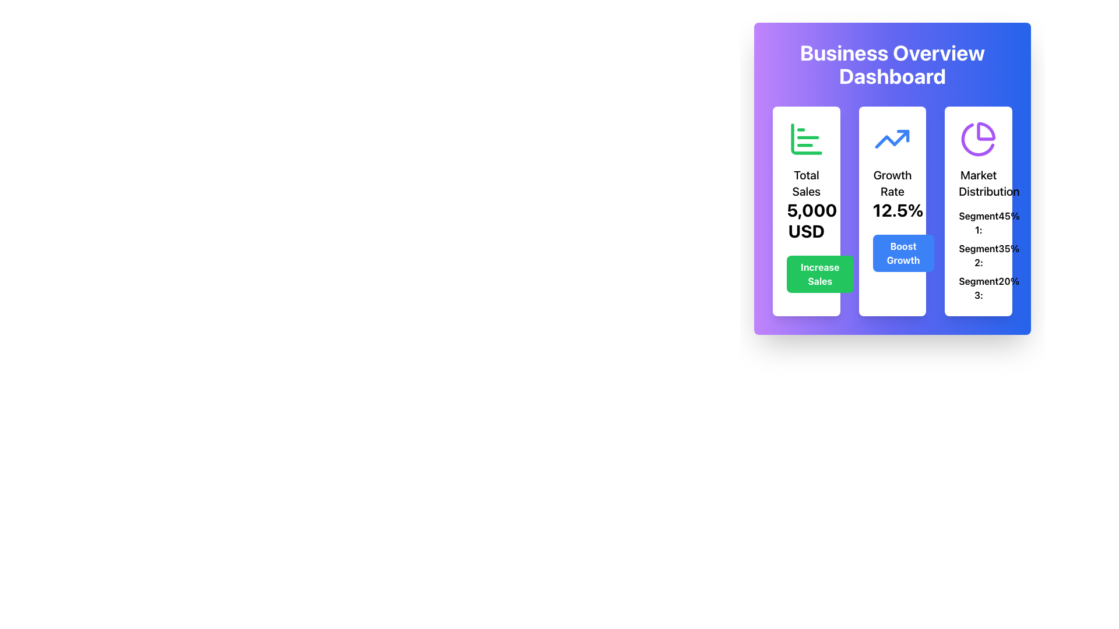  Describe the element at coordinates (1008, 255) in the screenshot. I see `the Text label displaying the market share percentage for 'Segment 2' located in the metrics column of the 'Market Distribution' section` at that location.